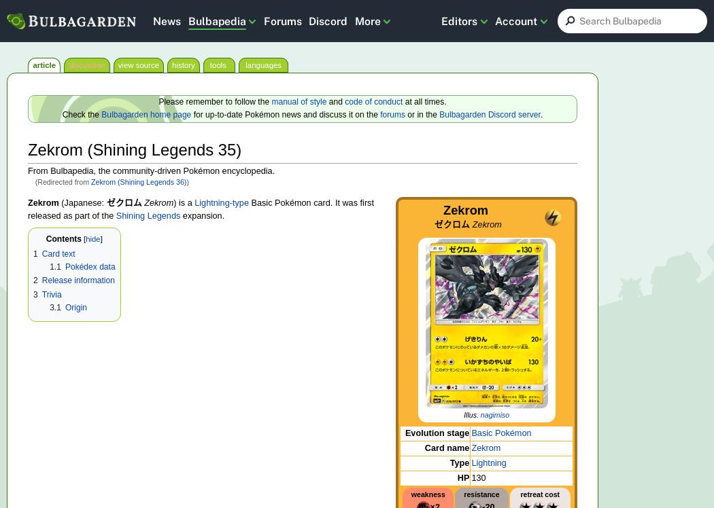  I want to click on 'and', so click(335, 101).